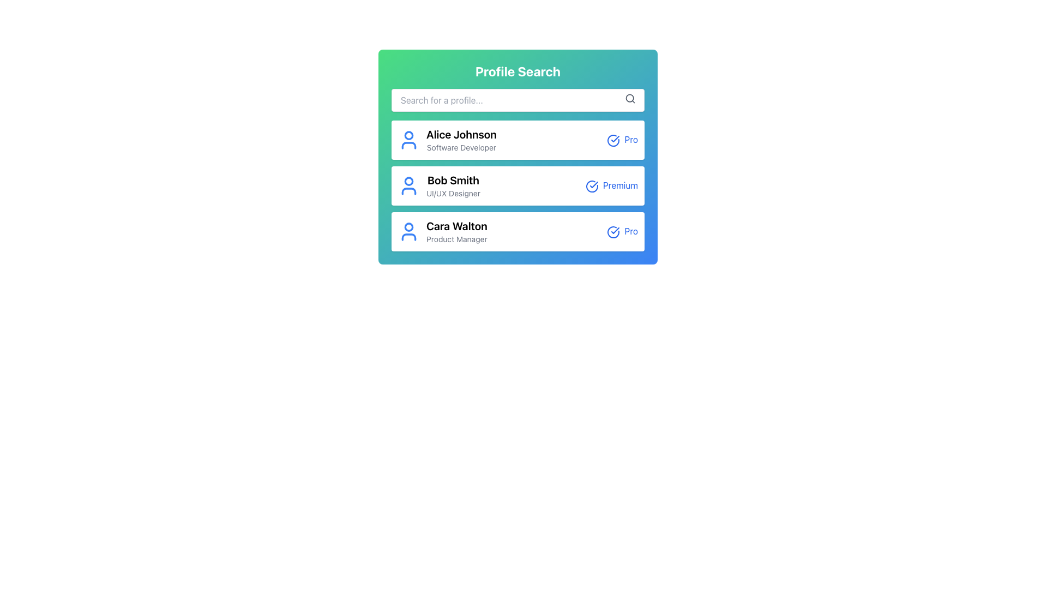  What do you see at coordinates (453, 193) in the screenshot?
I see `the text label displaying 'UI/UX Designer' located beneath the name 'Bob Smith' in the second profile card` at bounding box center [453, 193].